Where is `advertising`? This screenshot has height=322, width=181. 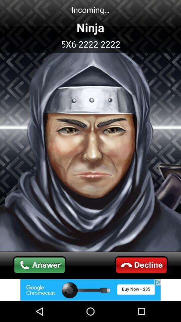
advertising is located at coordinates (90, 289).